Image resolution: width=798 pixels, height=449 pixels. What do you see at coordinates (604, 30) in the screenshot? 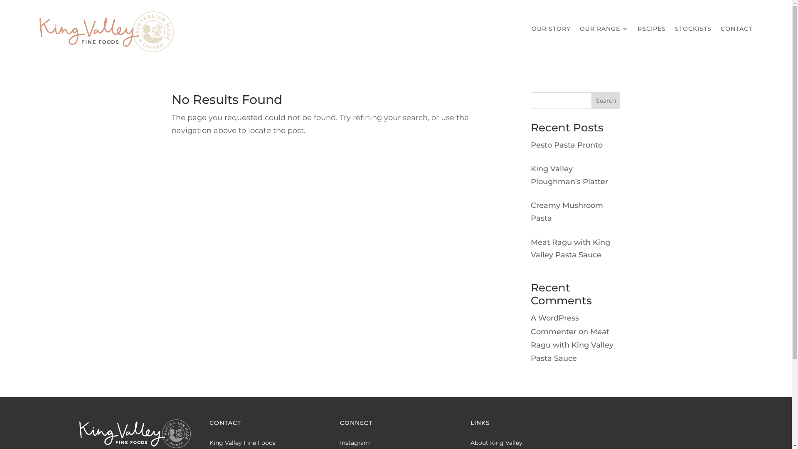
I see `'OUR RANGE'` at bounding box center [604, 30].